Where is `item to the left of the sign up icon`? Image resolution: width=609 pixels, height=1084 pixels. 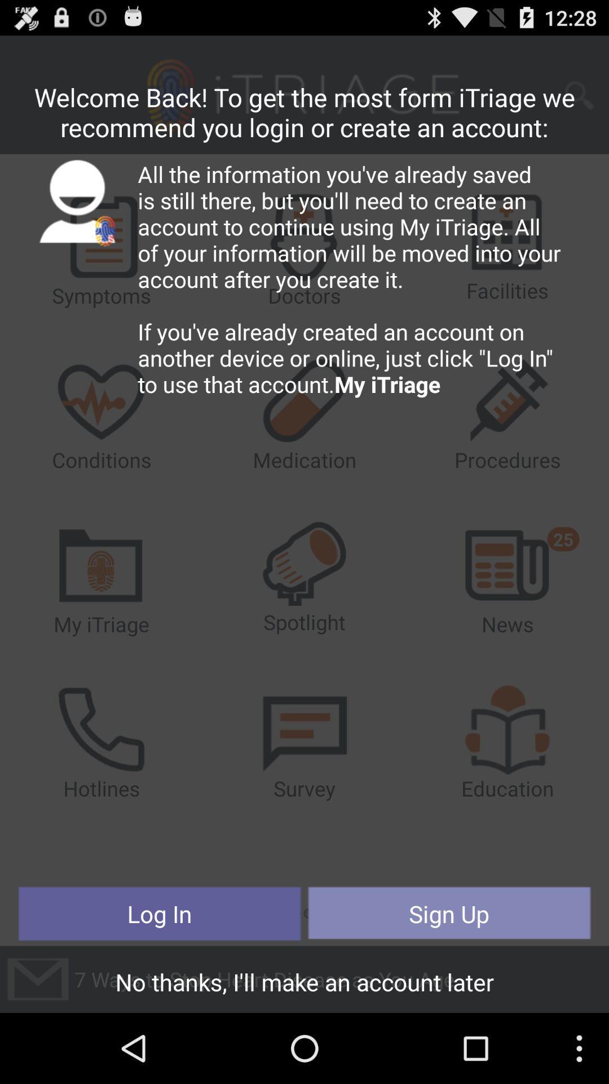 item to the left of the sign up icon is located at coordinates (160, 913).